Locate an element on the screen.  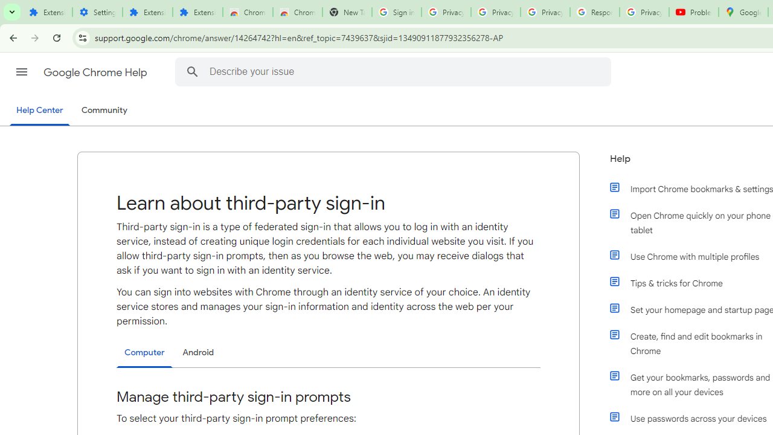
'Describe your issue' is located at coordinates (395, 71).